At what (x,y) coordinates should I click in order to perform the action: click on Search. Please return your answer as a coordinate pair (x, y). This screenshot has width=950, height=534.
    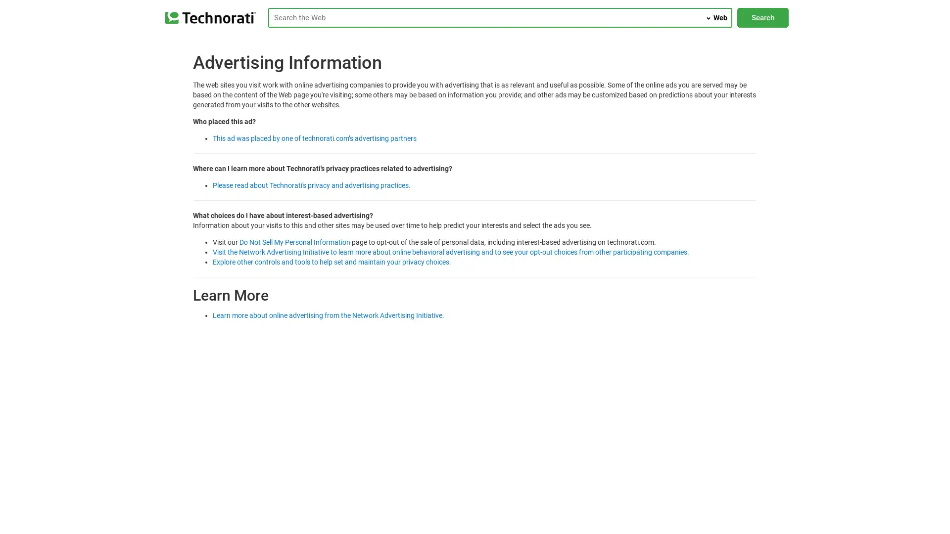
    Looking at the image, I should click on (762, 17).